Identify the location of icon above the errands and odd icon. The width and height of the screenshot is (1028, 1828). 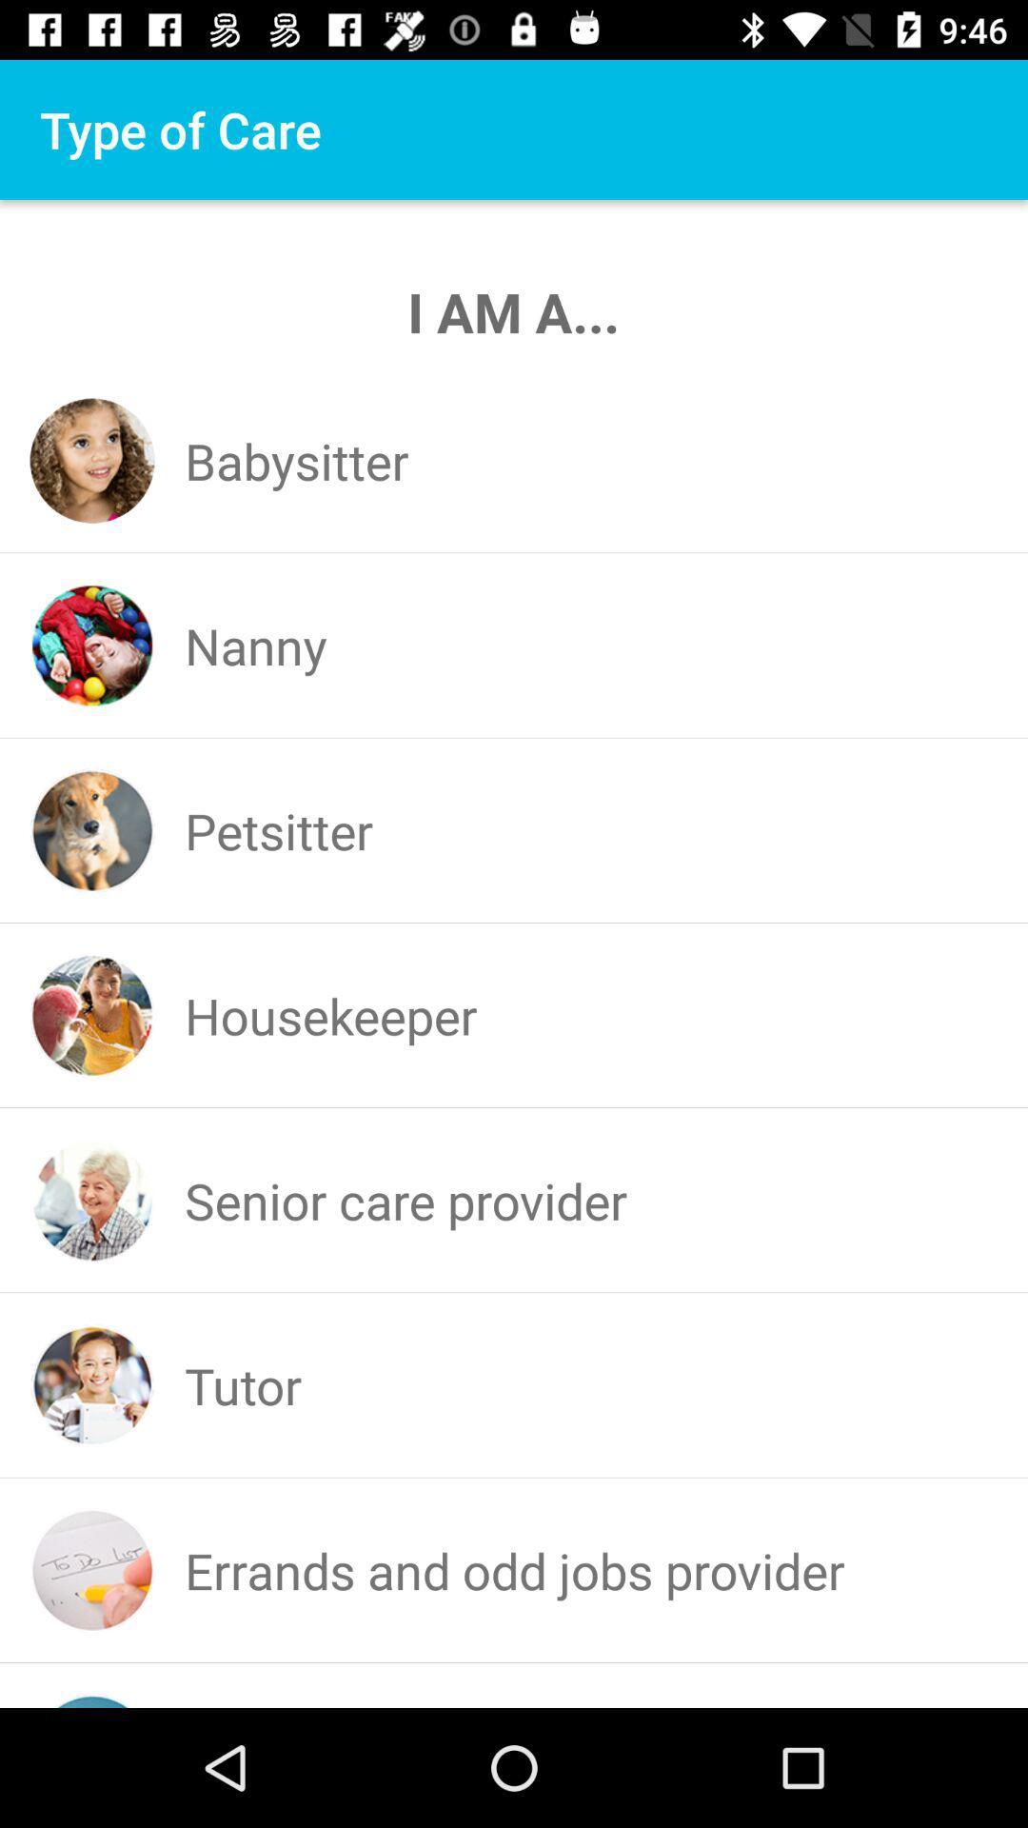
(242, 1385).